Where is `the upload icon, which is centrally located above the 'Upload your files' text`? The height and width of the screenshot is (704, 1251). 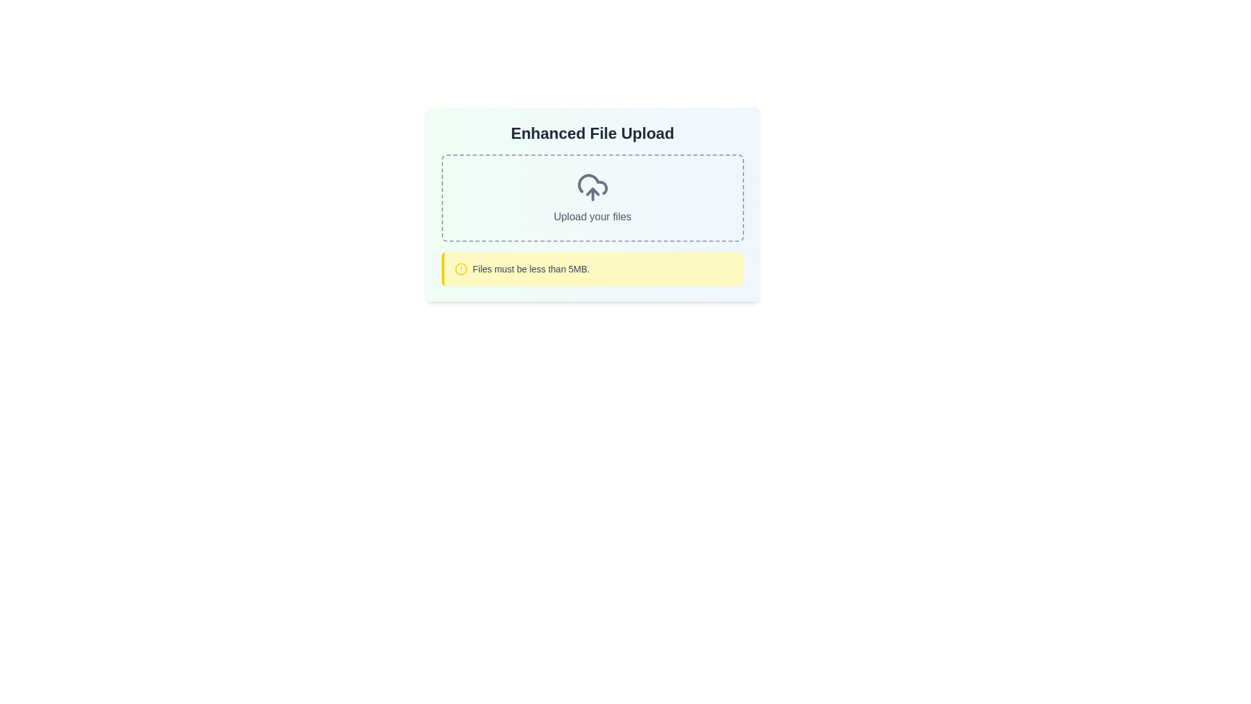 the upload icon, which is centrally located above the 'Upload your files' text is located at coordinates (592, 188).